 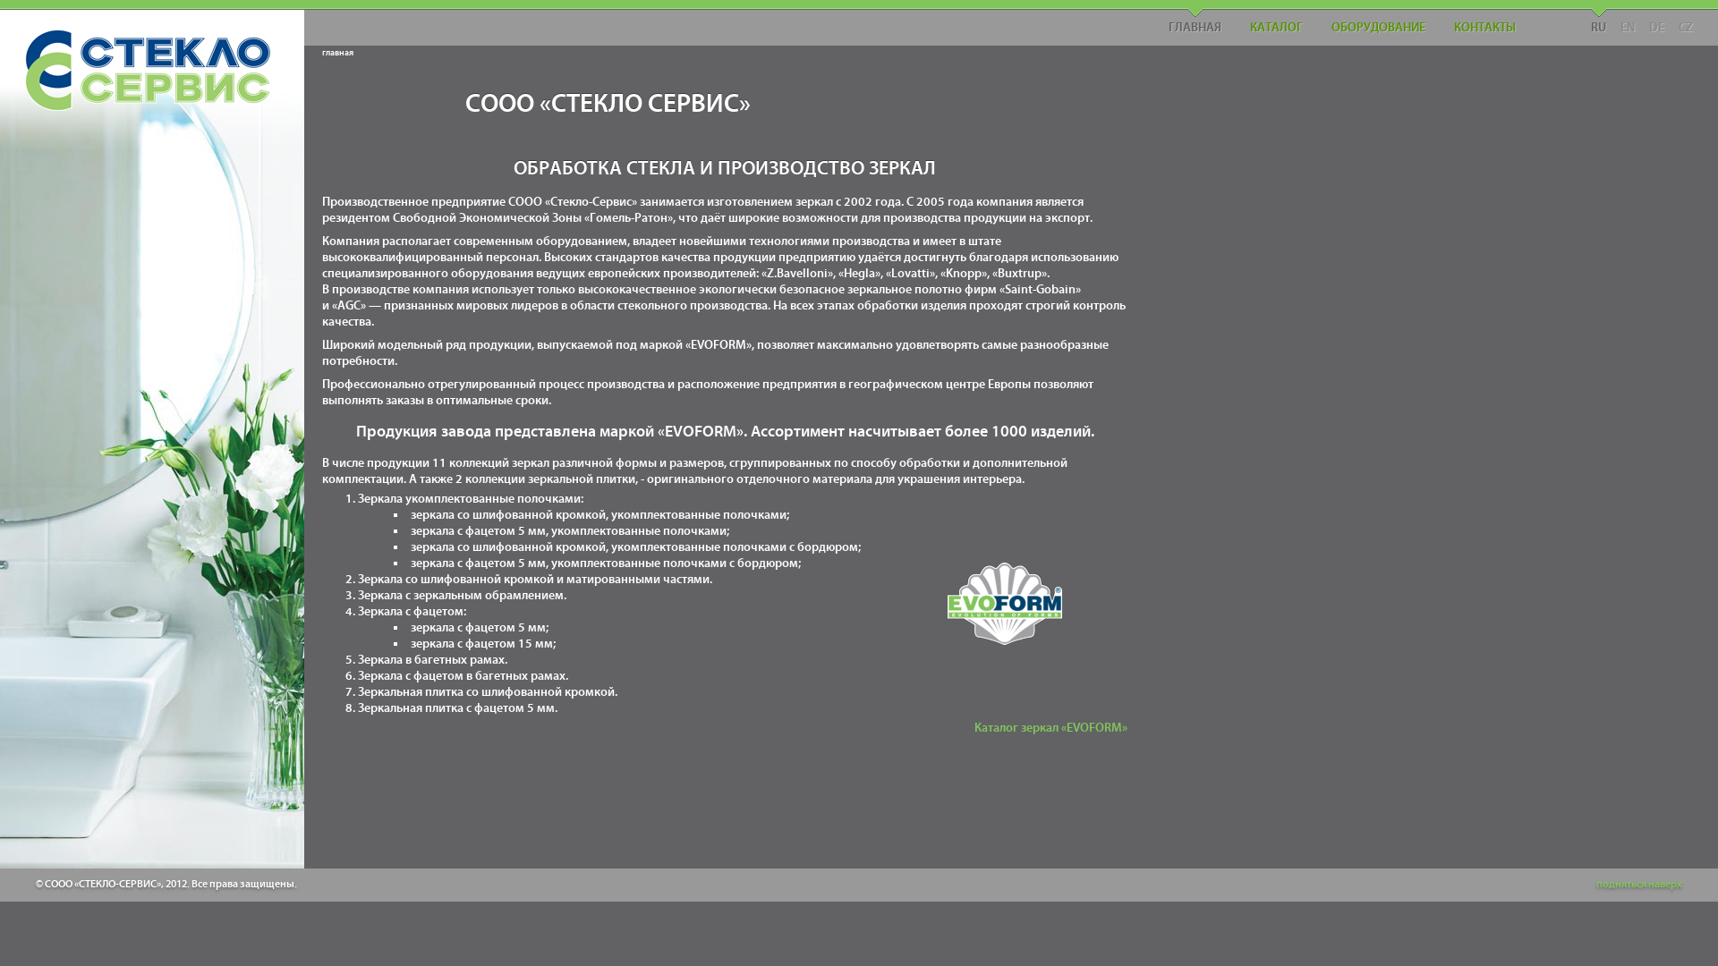 What do you see at coordinates (1655, 21) in the screenshot?
I see `'DE'` at bounding box center [1655, 21].